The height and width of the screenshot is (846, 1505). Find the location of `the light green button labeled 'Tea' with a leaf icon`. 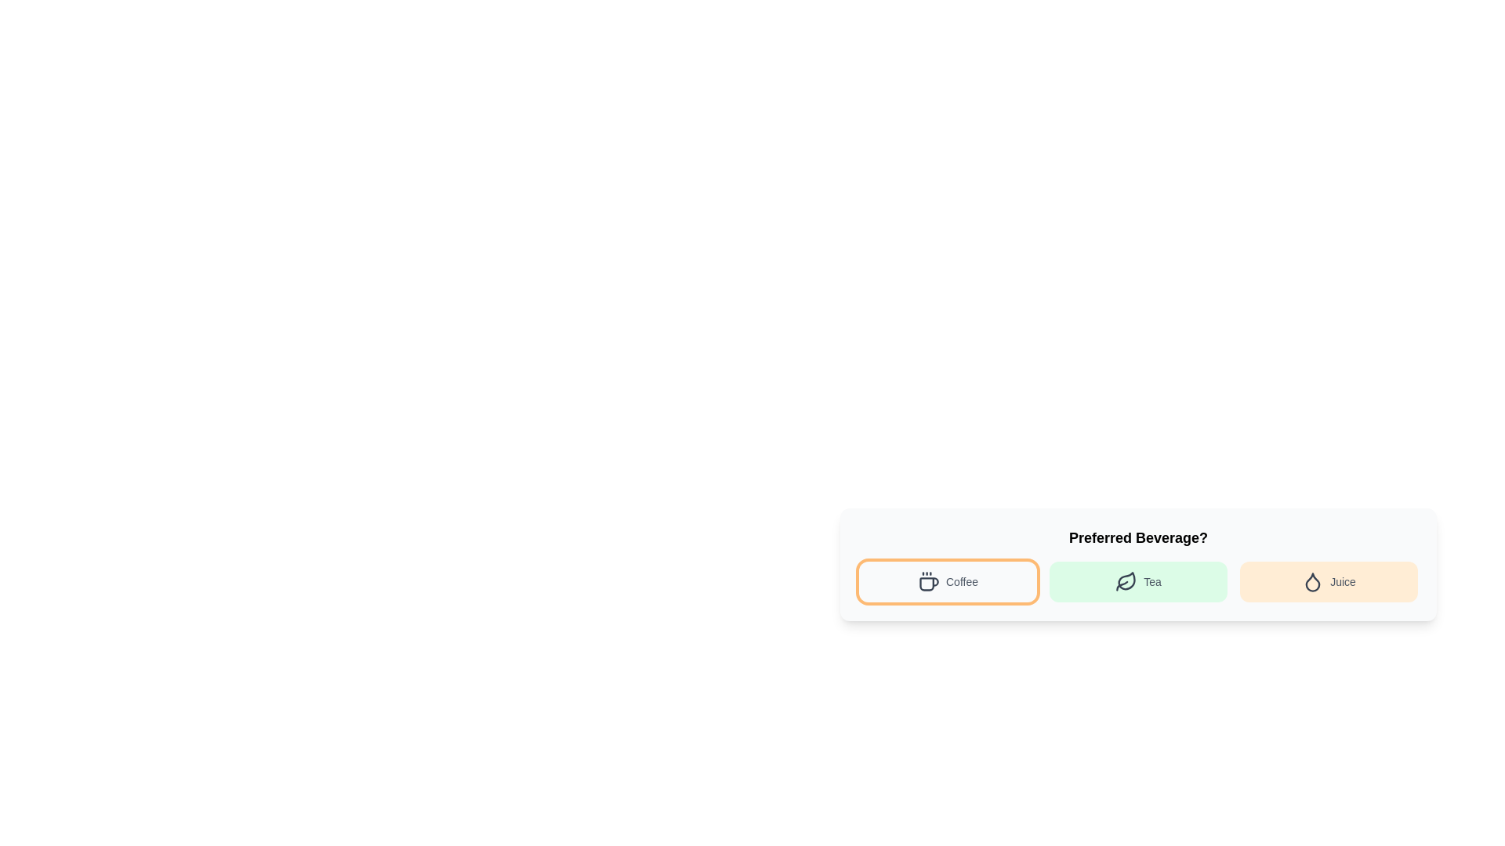

the light green button labeled 'Tea' with a leaf icon is located at coordinates (1138, 582).